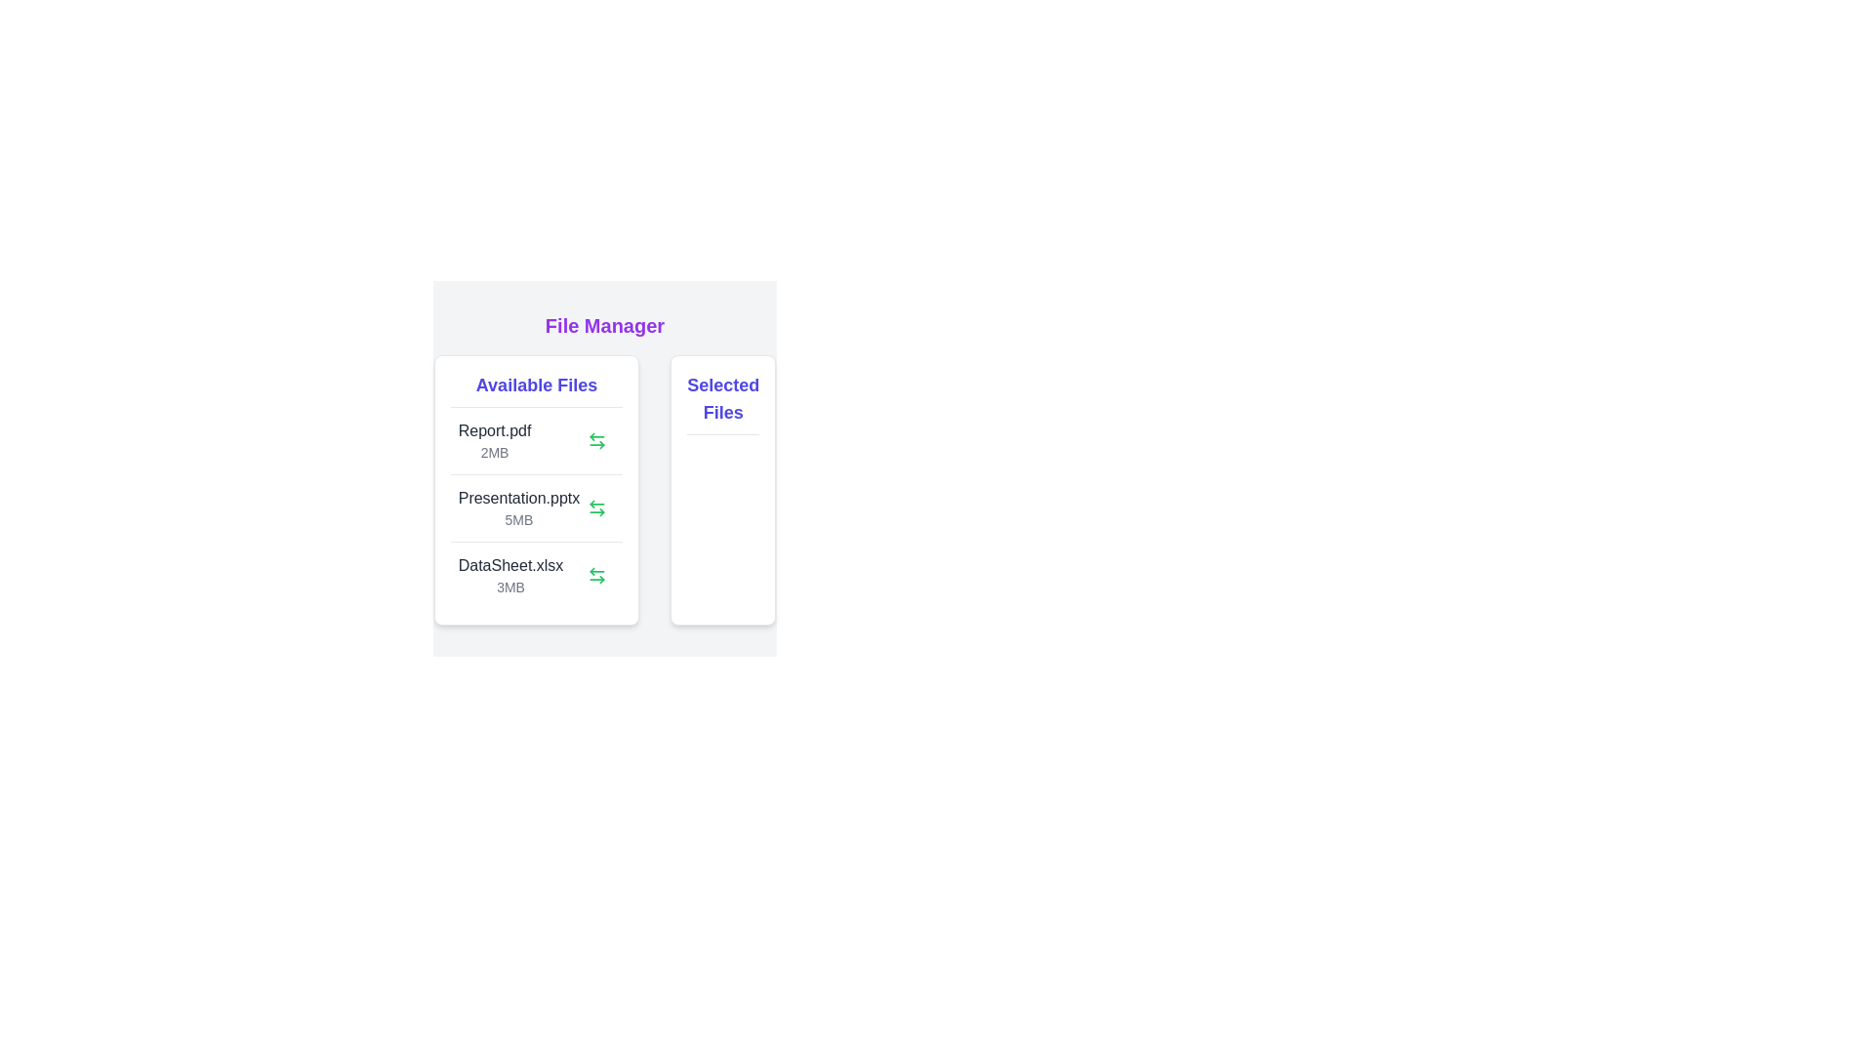  I want to click on the file list entry for 'Report.pdf' located, so click(495, 440).